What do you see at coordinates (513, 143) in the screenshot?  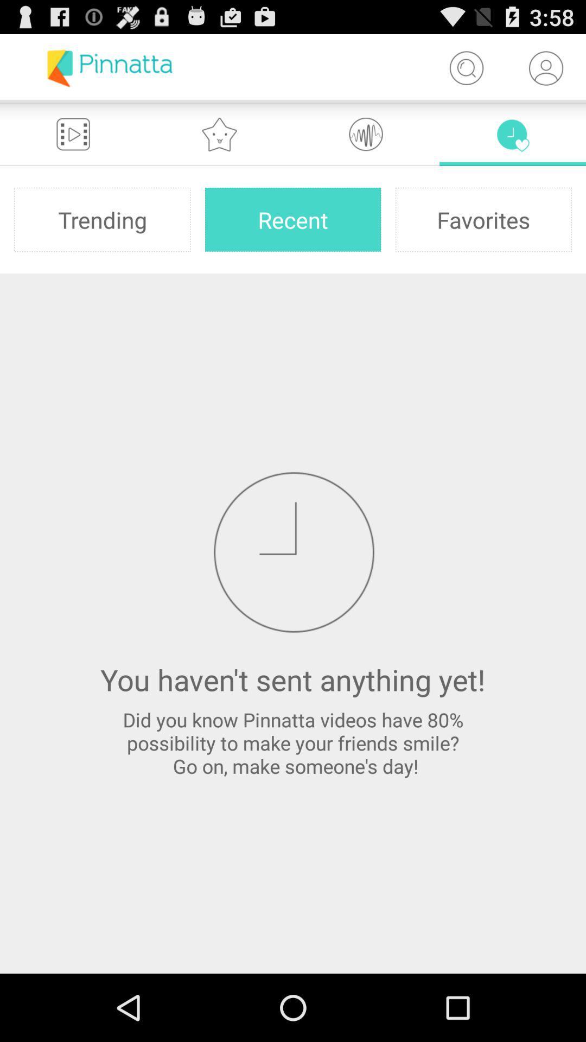 I see `the swap icon` at bounding box center [513, 143].